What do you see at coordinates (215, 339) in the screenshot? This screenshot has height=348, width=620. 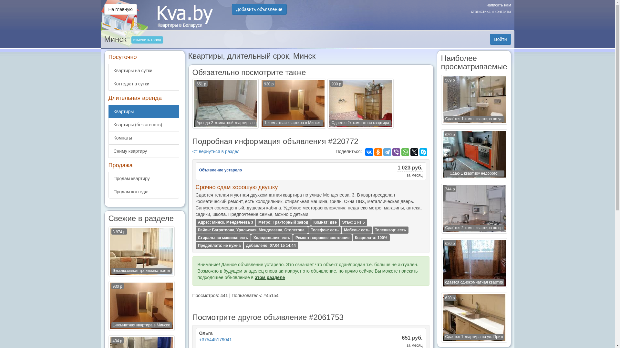 I see `'+375445179041'` at bounding box center [215, 339].